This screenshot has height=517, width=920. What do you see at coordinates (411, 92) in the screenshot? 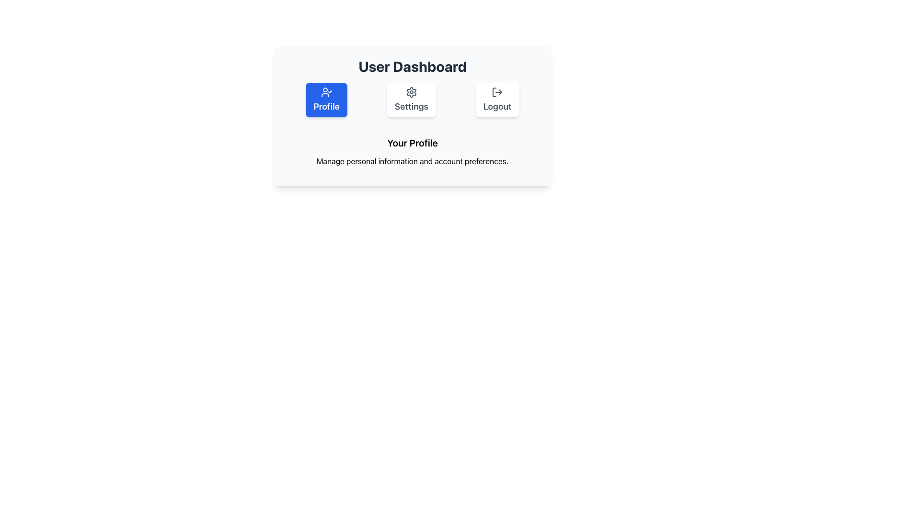
I see `the gear icon representing the 'Settings' element for navigation in the User Dashboard interface` at bounding box center [411, 92].